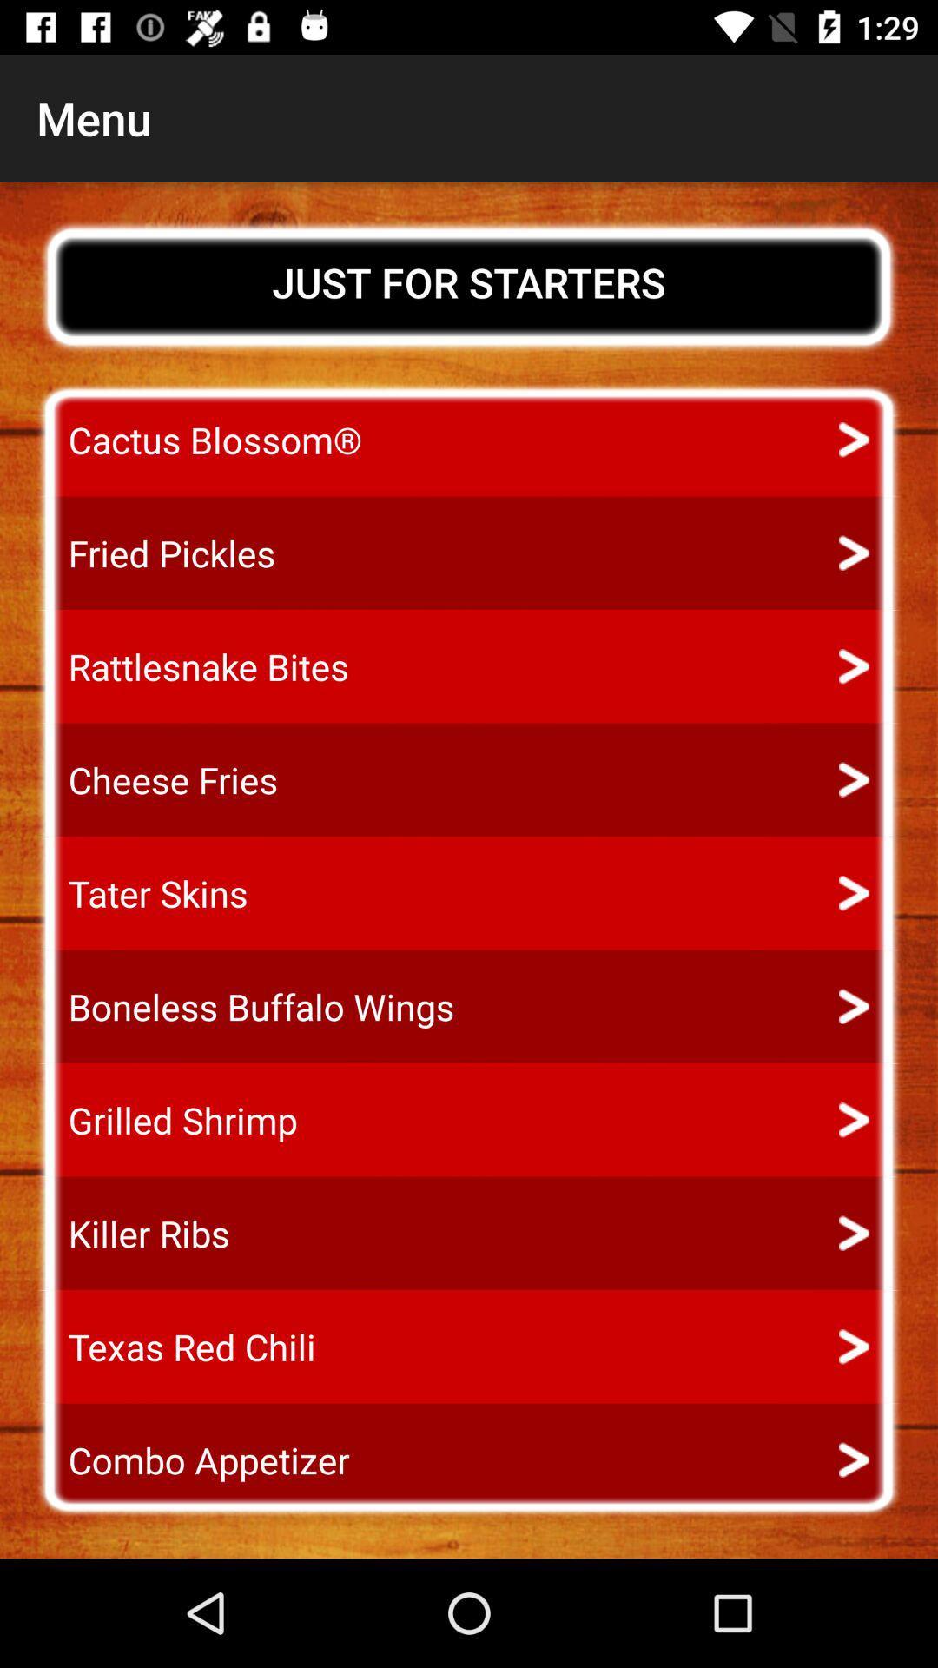  Describe the element at coordinates (193, 665) in the screenshot. I see `icon above the cheese fries` at that location.